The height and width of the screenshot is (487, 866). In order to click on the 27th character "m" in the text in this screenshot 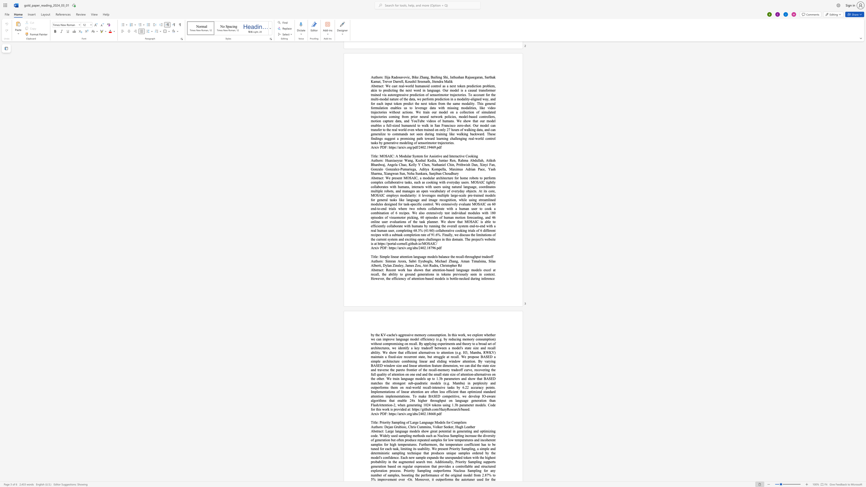, I will do `click(431, 475)`.